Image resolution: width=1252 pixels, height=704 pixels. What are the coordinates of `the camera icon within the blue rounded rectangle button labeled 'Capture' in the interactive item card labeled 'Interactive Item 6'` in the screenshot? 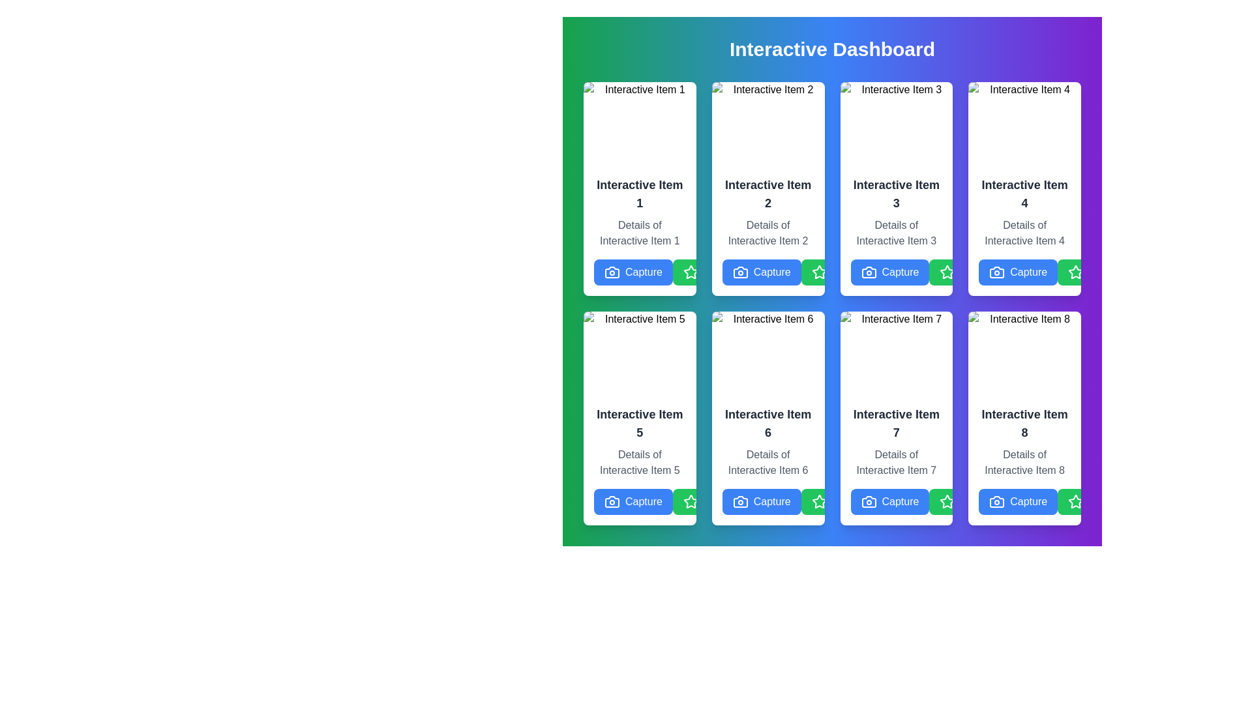 It's located at (740, 501).